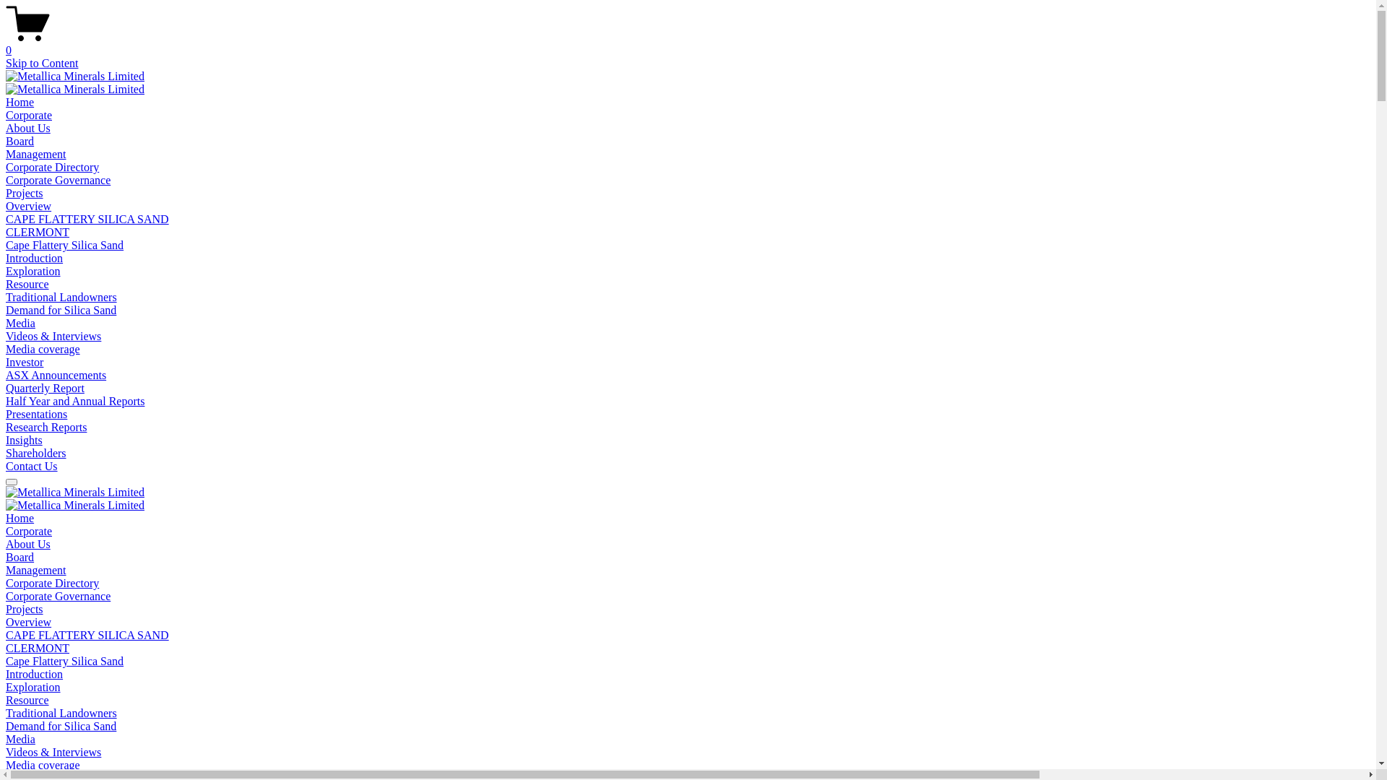 Image resolution: width=1387 pixels, height=780 pixels. I want to click on 'CAPE FLATTERY SILICA SAND', so click(86, 634).